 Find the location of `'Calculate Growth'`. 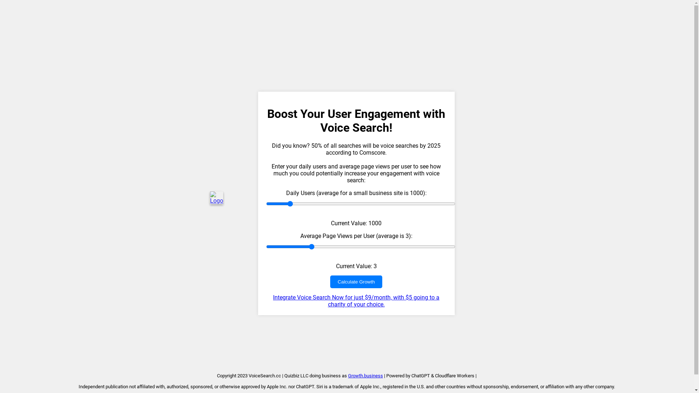

'Calculate Growth' is located at coordinates (356, 281).